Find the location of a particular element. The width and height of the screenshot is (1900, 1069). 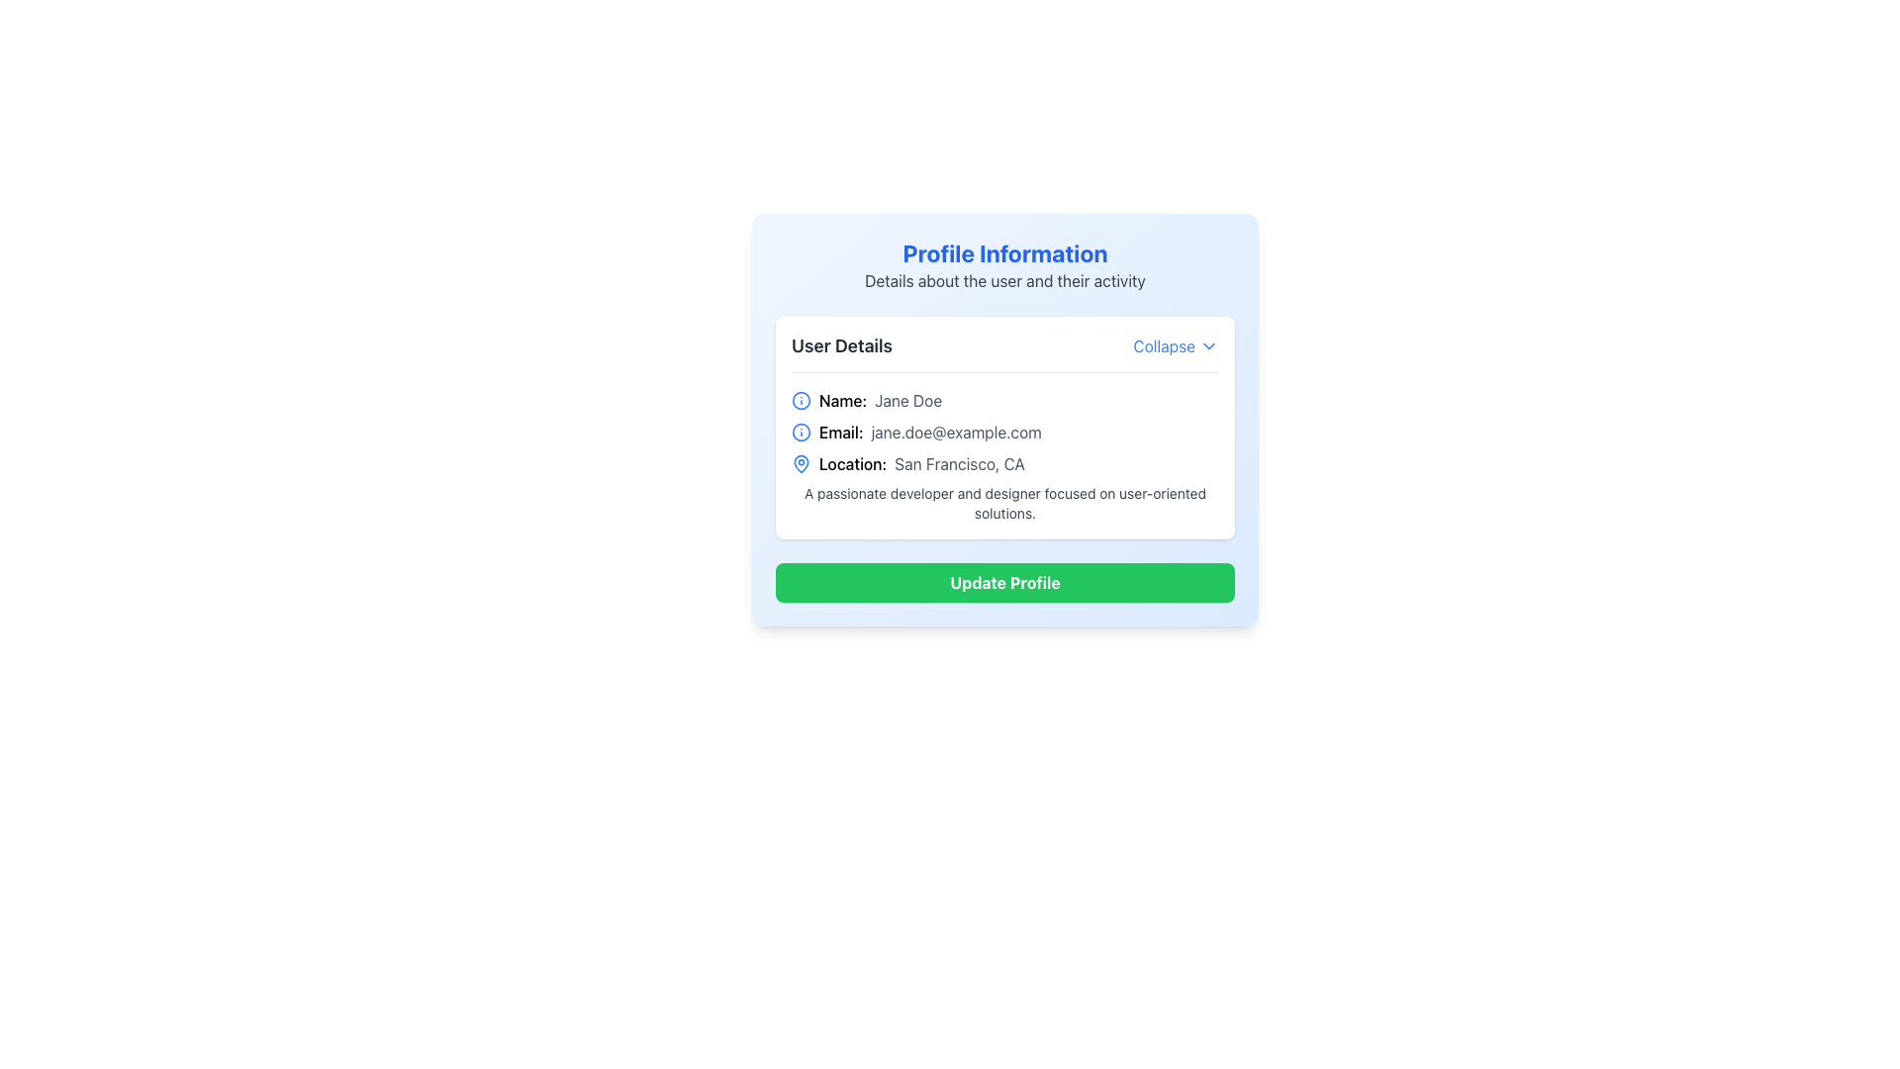

the descriptive text located in the second row below the 'Profile Information' title and above 'User Details' is located at coordinates (1005, 281).